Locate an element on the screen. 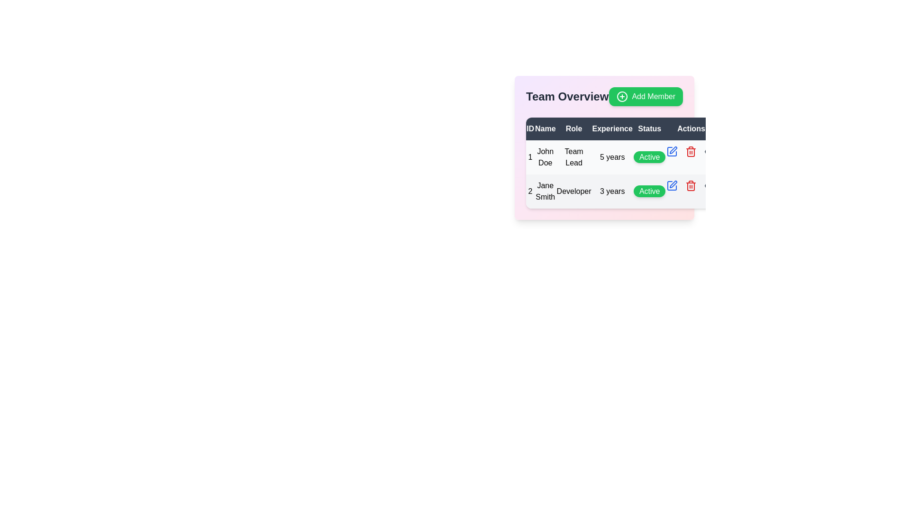  the blue square icon with rounded corners and a pencil overlay located in the 'Actions' column of the second row representing 'Jane Smith' is located at coordinates (672, 186).